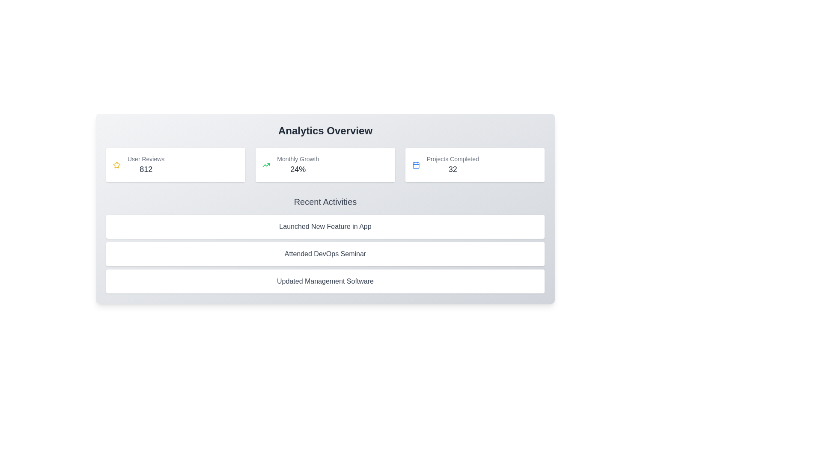  What do you see at coordinates (298, 159) in the screenshot?
I see `the association of the label that titles the metric value '24%' displayed below it, which is located in a rectangular card centered` at bounding box center [298, 159].